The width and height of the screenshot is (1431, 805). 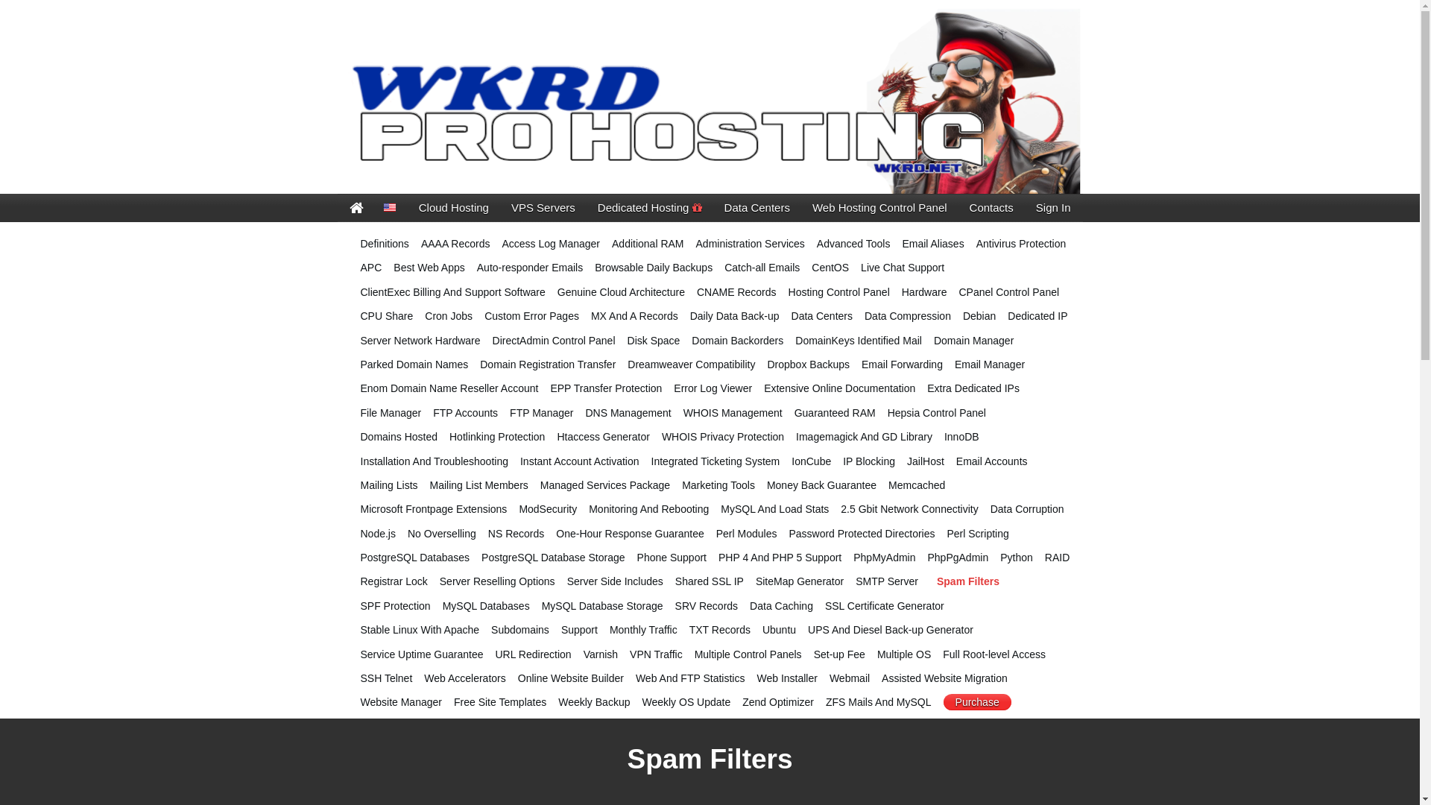 I want to click on 'IonCube', so click(x=810, y=460).